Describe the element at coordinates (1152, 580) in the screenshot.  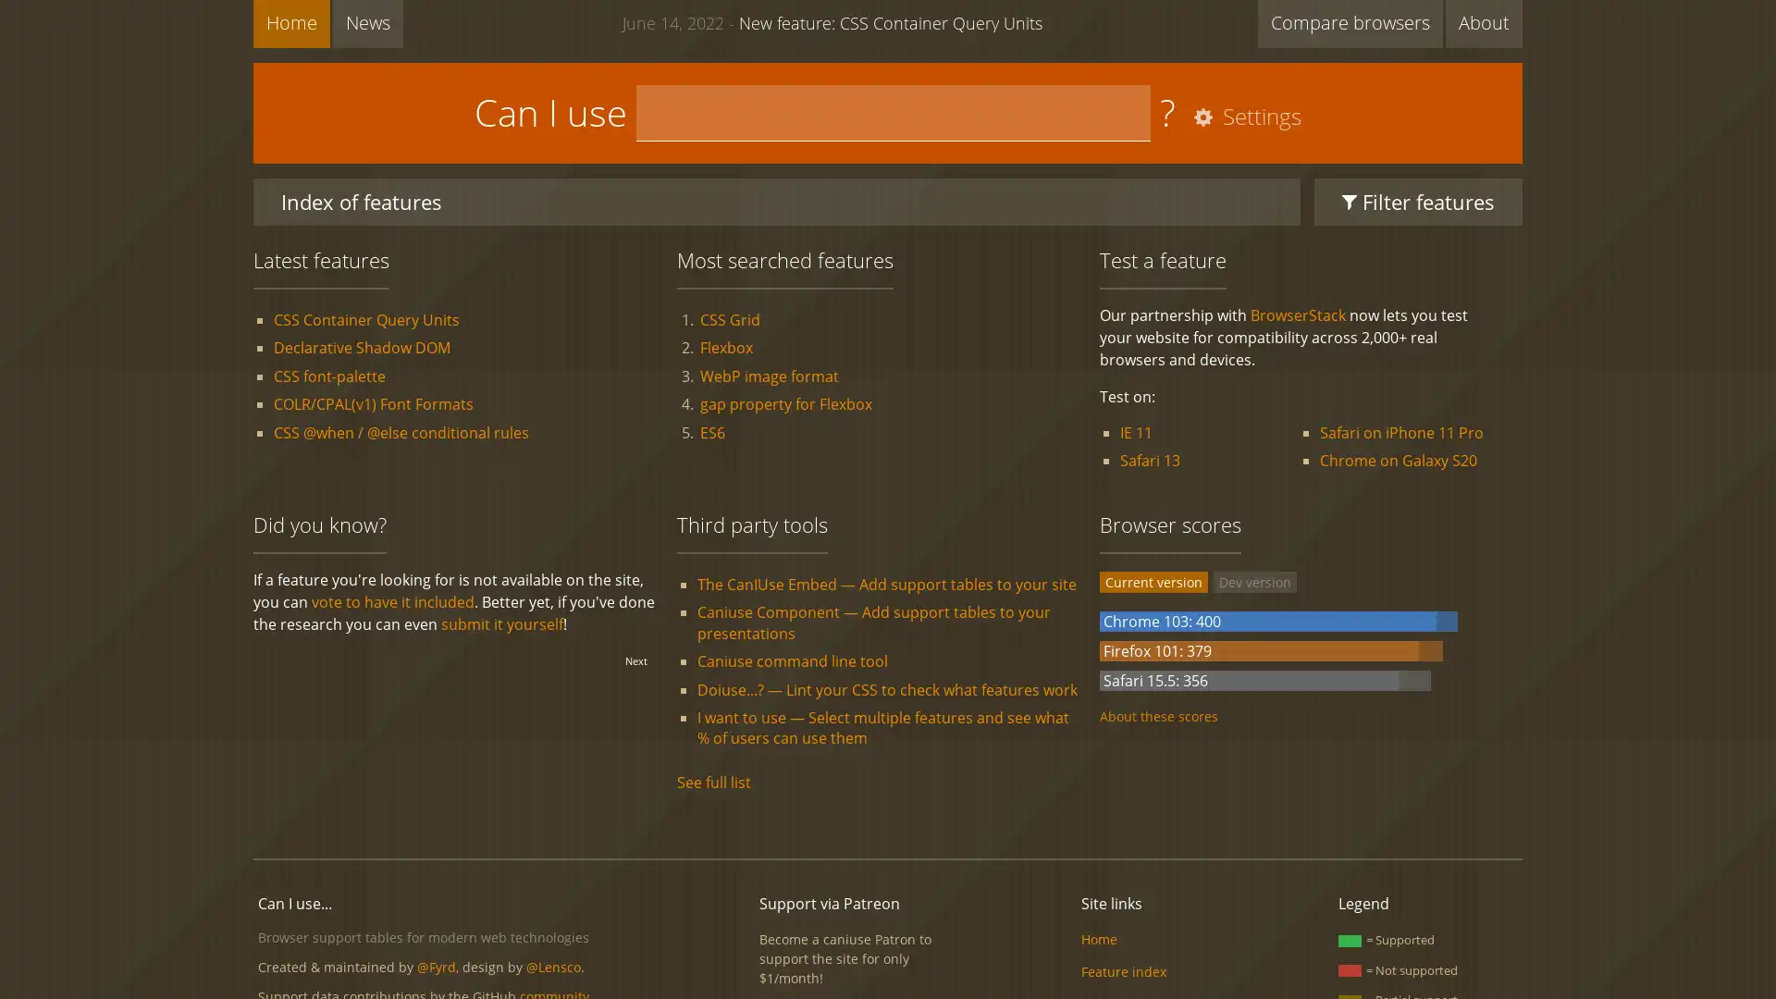
I see `Current version` at that location.